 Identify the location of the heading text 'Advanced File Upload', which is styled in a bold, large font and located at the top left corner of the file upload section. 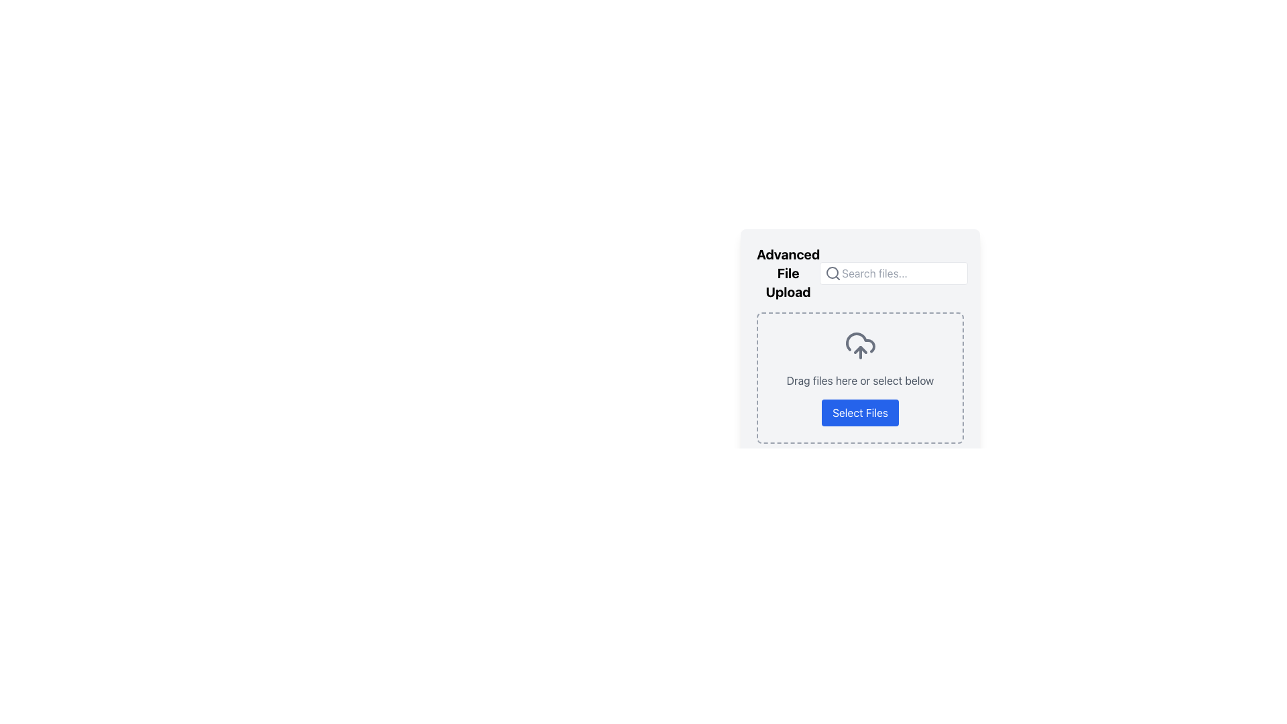
(788, 273).